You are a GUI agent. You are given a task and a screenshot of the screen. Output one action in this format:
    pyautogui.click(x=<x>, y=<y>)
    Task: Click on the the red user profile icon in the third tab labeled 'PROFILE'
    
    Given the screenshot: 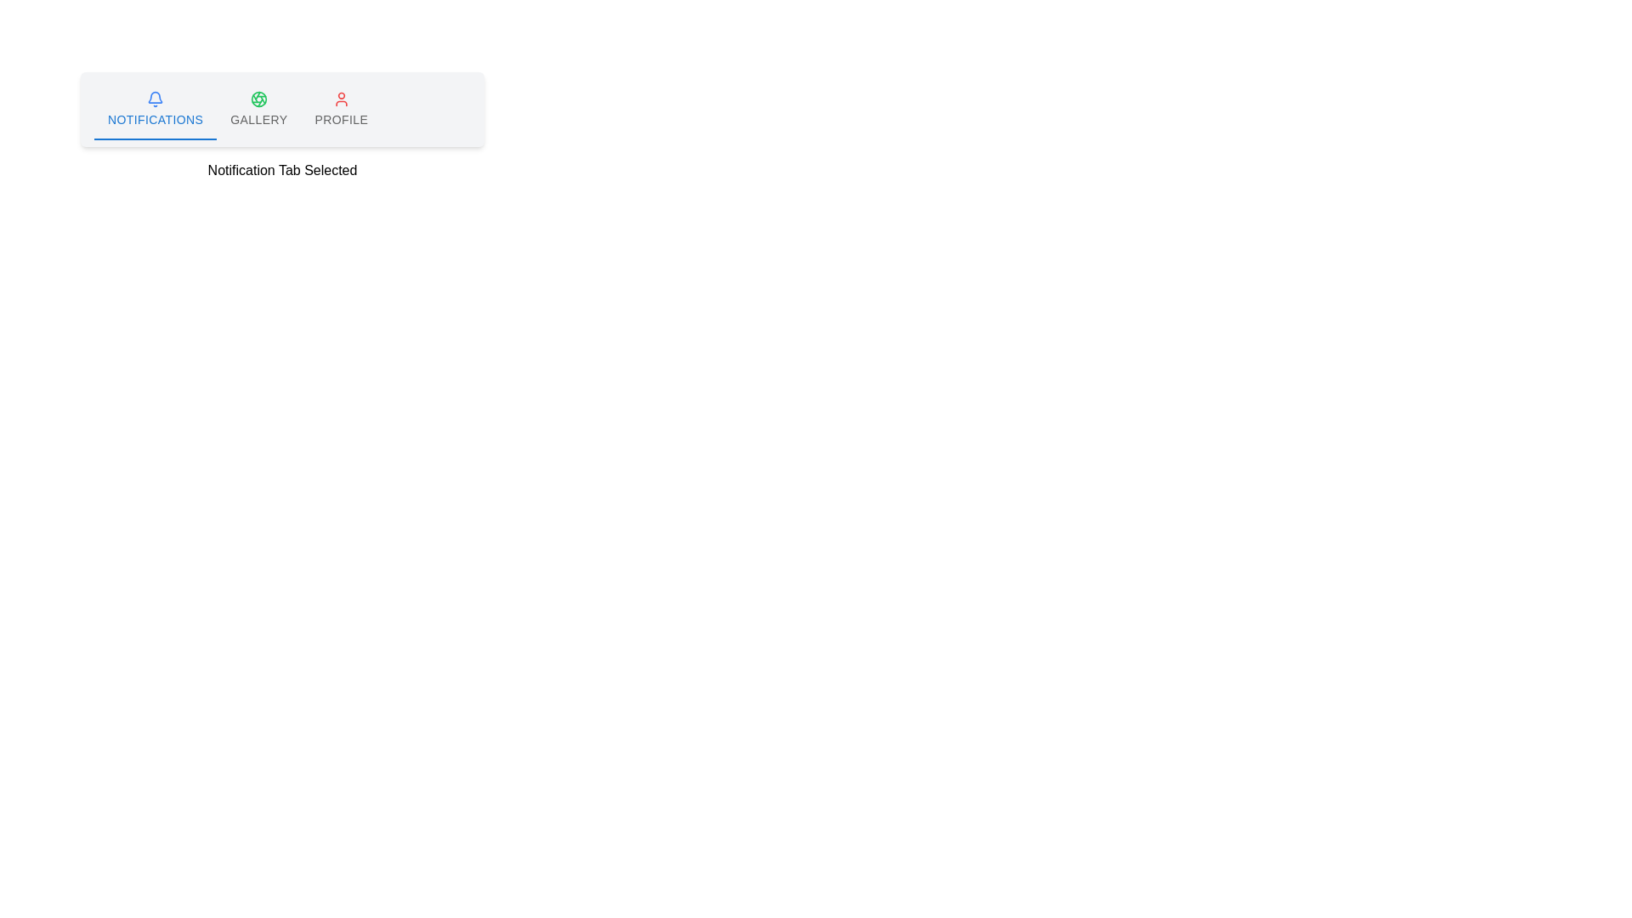 What is the action you would take?
    pyautogui.click(x=340, y=99)
    